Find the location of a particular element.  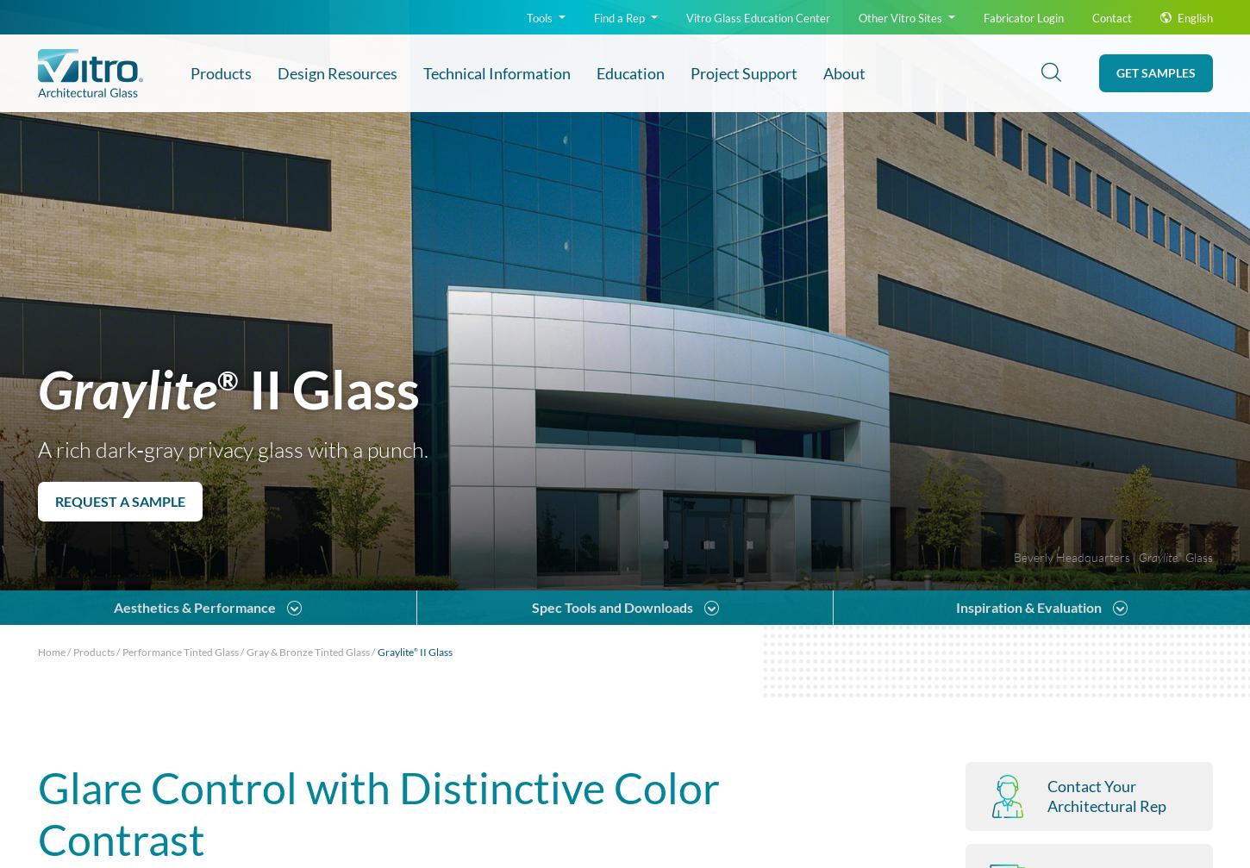

'Compare with' is located at coordinates (133, 324).